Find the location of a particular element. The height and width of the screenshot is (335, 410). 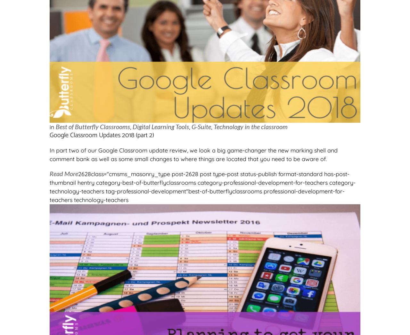

'In part two of our Google Classroom update review, we look a big game-changer the new marking shell and comment bank as well as some small changes to where things are located that you need to be aware of.' is located at coordinates (49, 154).